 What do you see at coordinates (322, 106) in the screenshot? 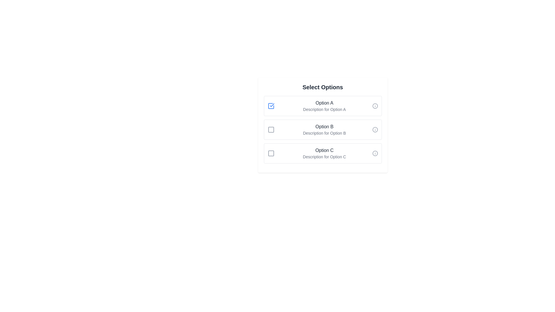
I see `the item corresponding to Option A to highlight it` at bounding box center [322, 106].